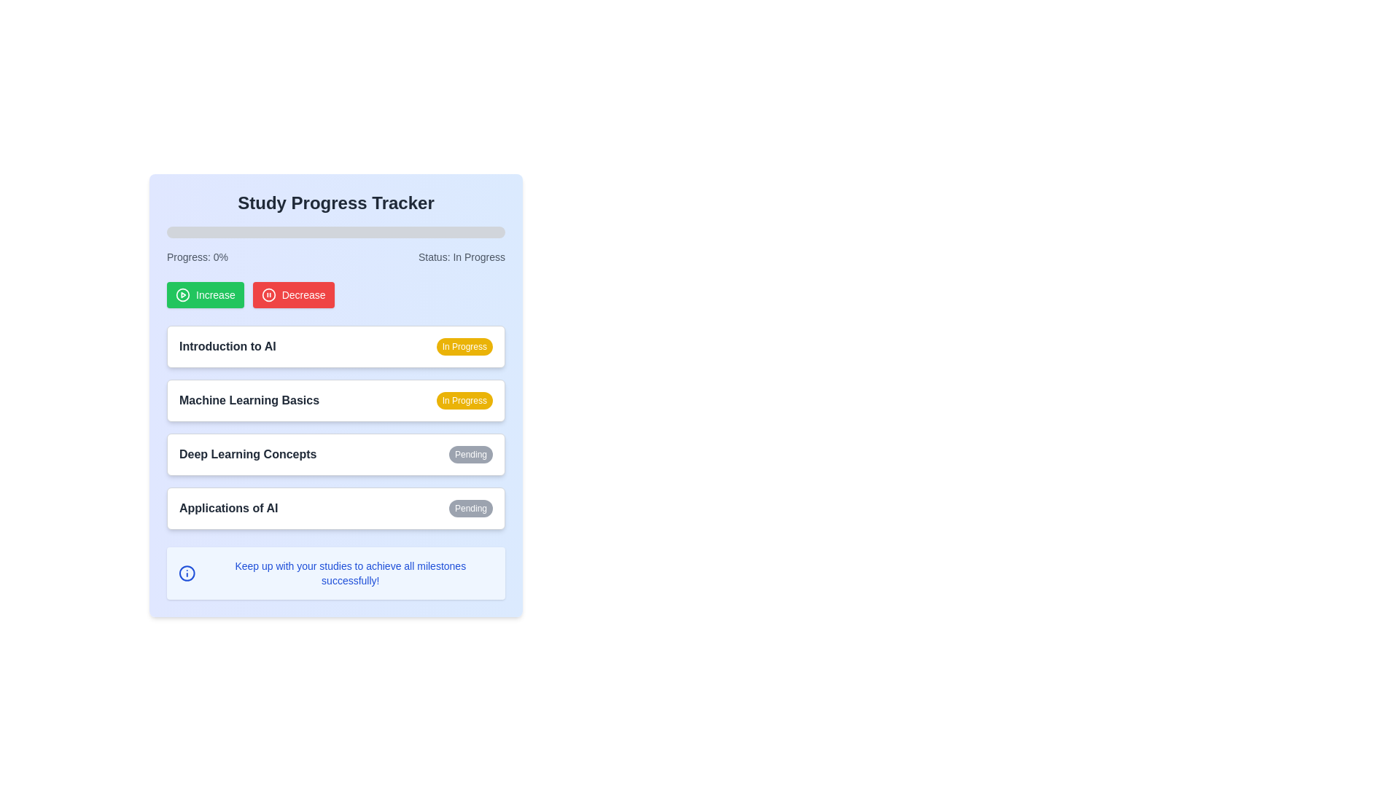 The width and height of the screenshot is (1400, 787). What do you see at coordinates (186, 572) in the screenshot?
I see `the outer circular stroke of the motivational icon located at the bottom-center part of the application interface` at bounding box center [186, 572].